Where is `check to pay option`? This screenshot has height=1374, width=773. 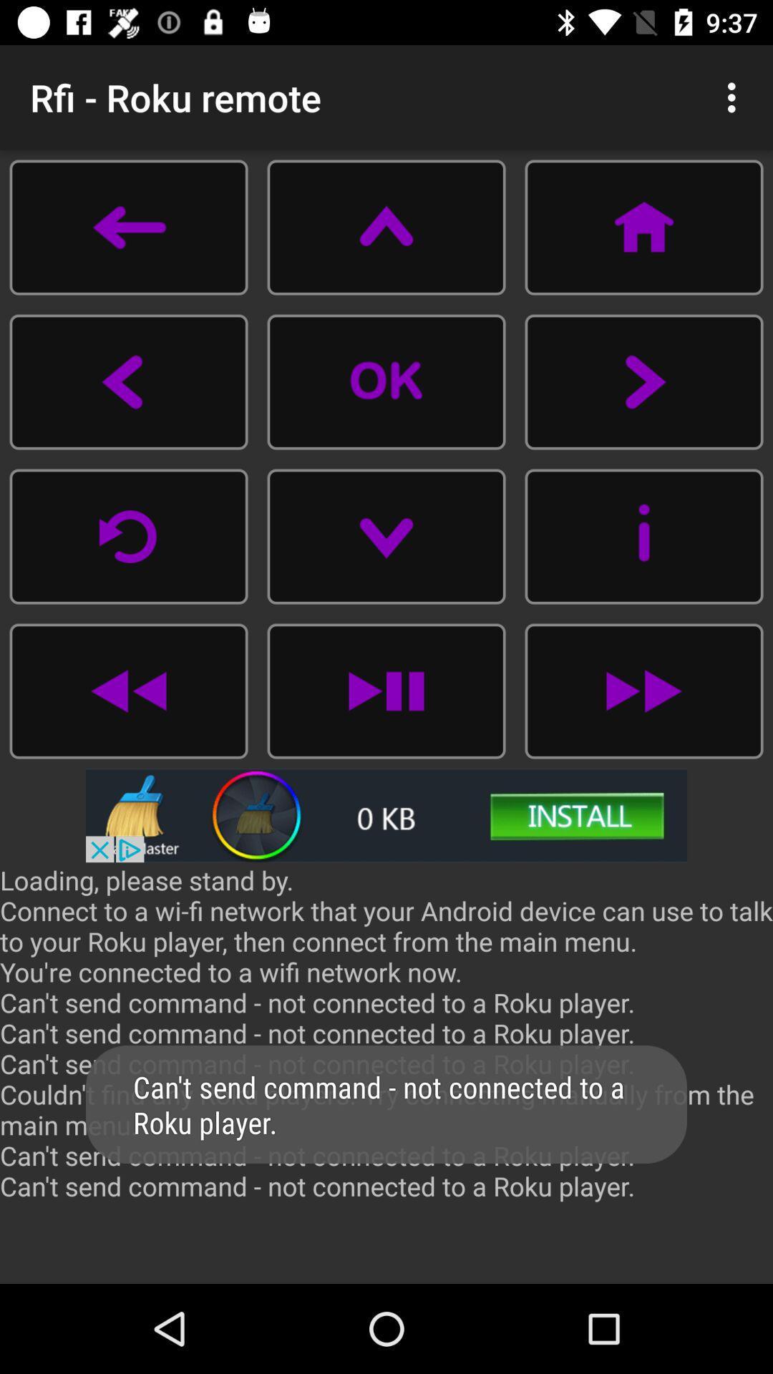 check to pay option is located at coordinates (129, 691).